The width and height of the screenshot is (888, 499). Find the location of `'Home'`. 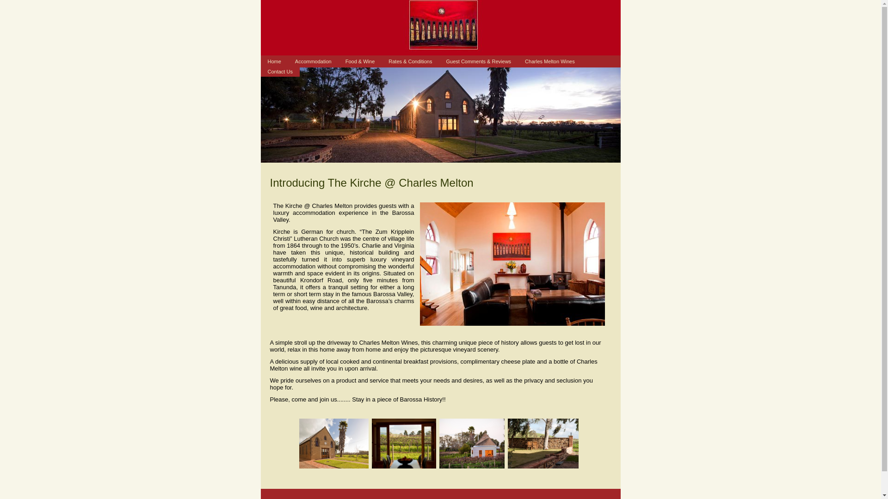

'Home' is located at coordinates (274, 61).